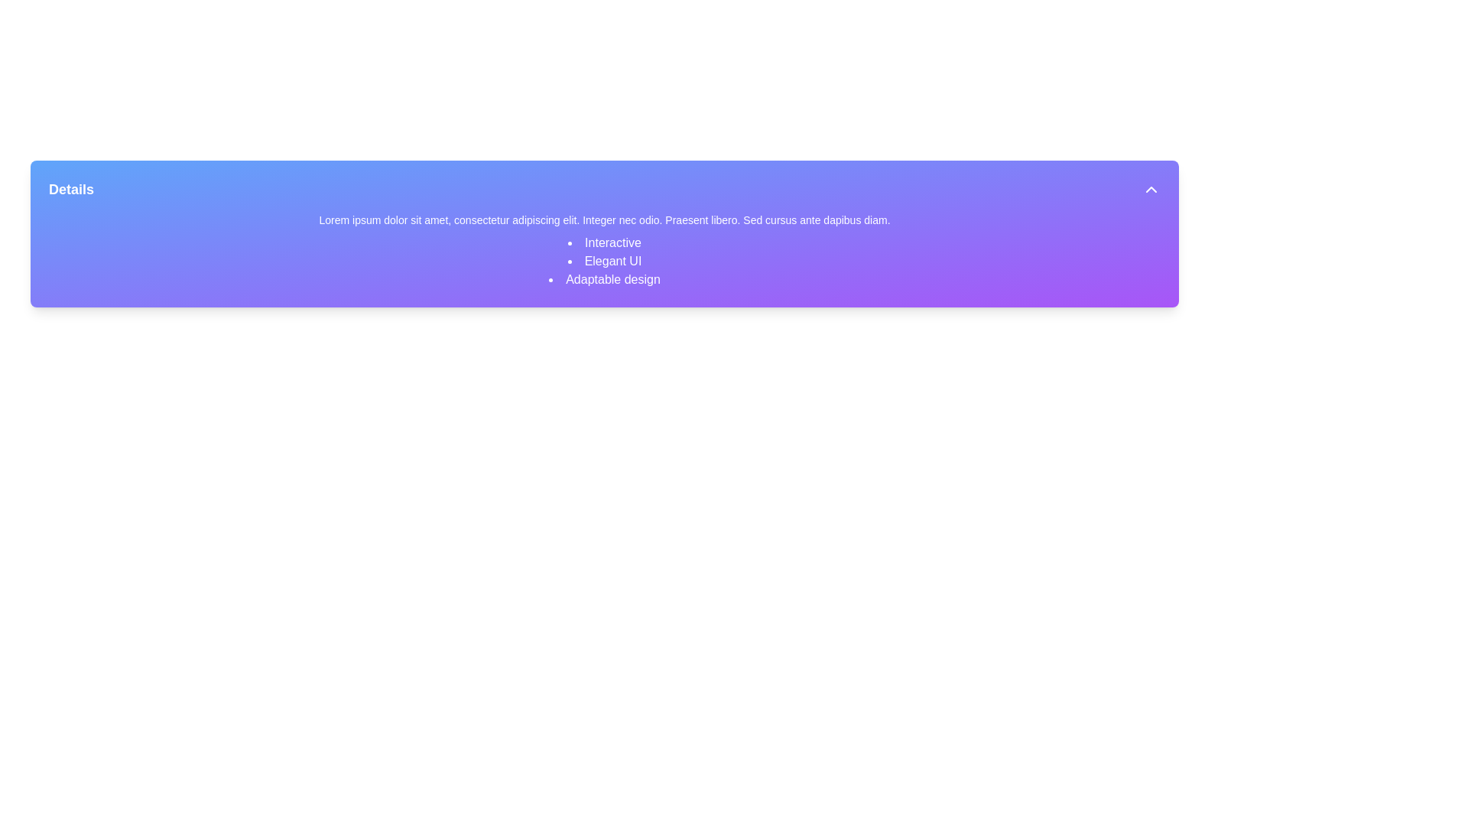  What do you see at coordinates (604, 242) in the screenshot?
I see `the first item in the bullet list labeled 'Interactive' which is a Text label describing characteristics or features` at bounding box center [604, 242].